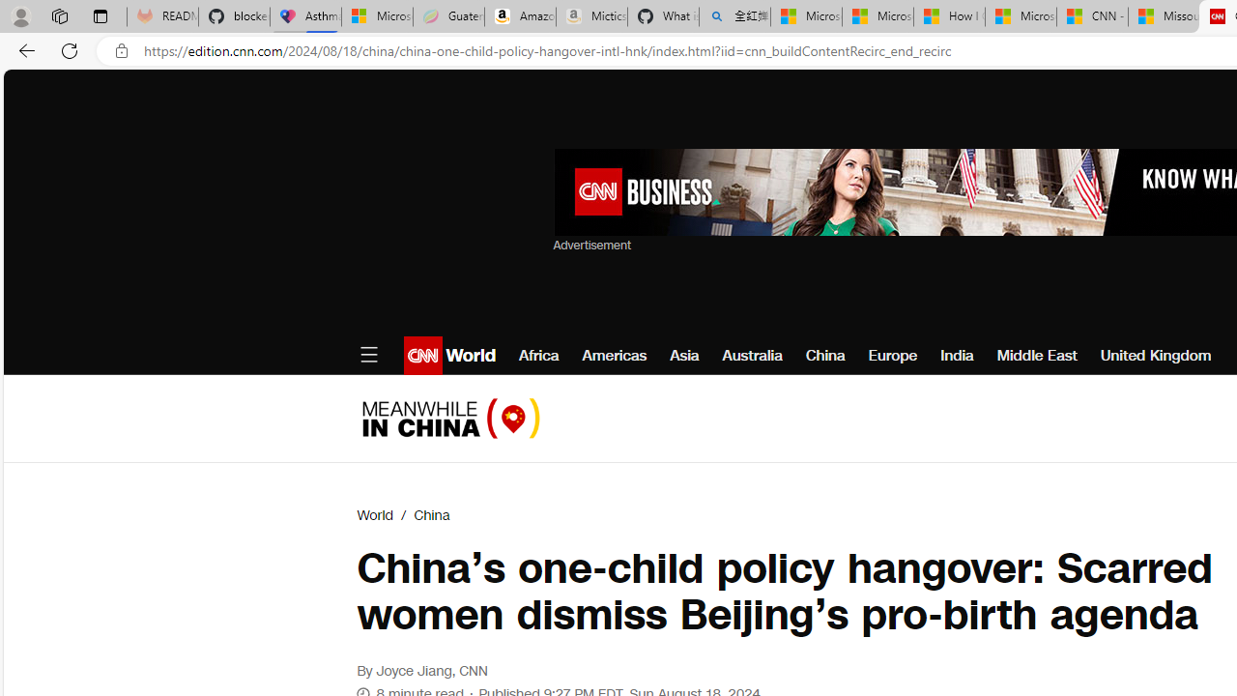 This screenshot has height=696, width=1237. Describe the element at coordinates (1156, 355) in the screenshot. I see `'United Kingdom'` at that location.